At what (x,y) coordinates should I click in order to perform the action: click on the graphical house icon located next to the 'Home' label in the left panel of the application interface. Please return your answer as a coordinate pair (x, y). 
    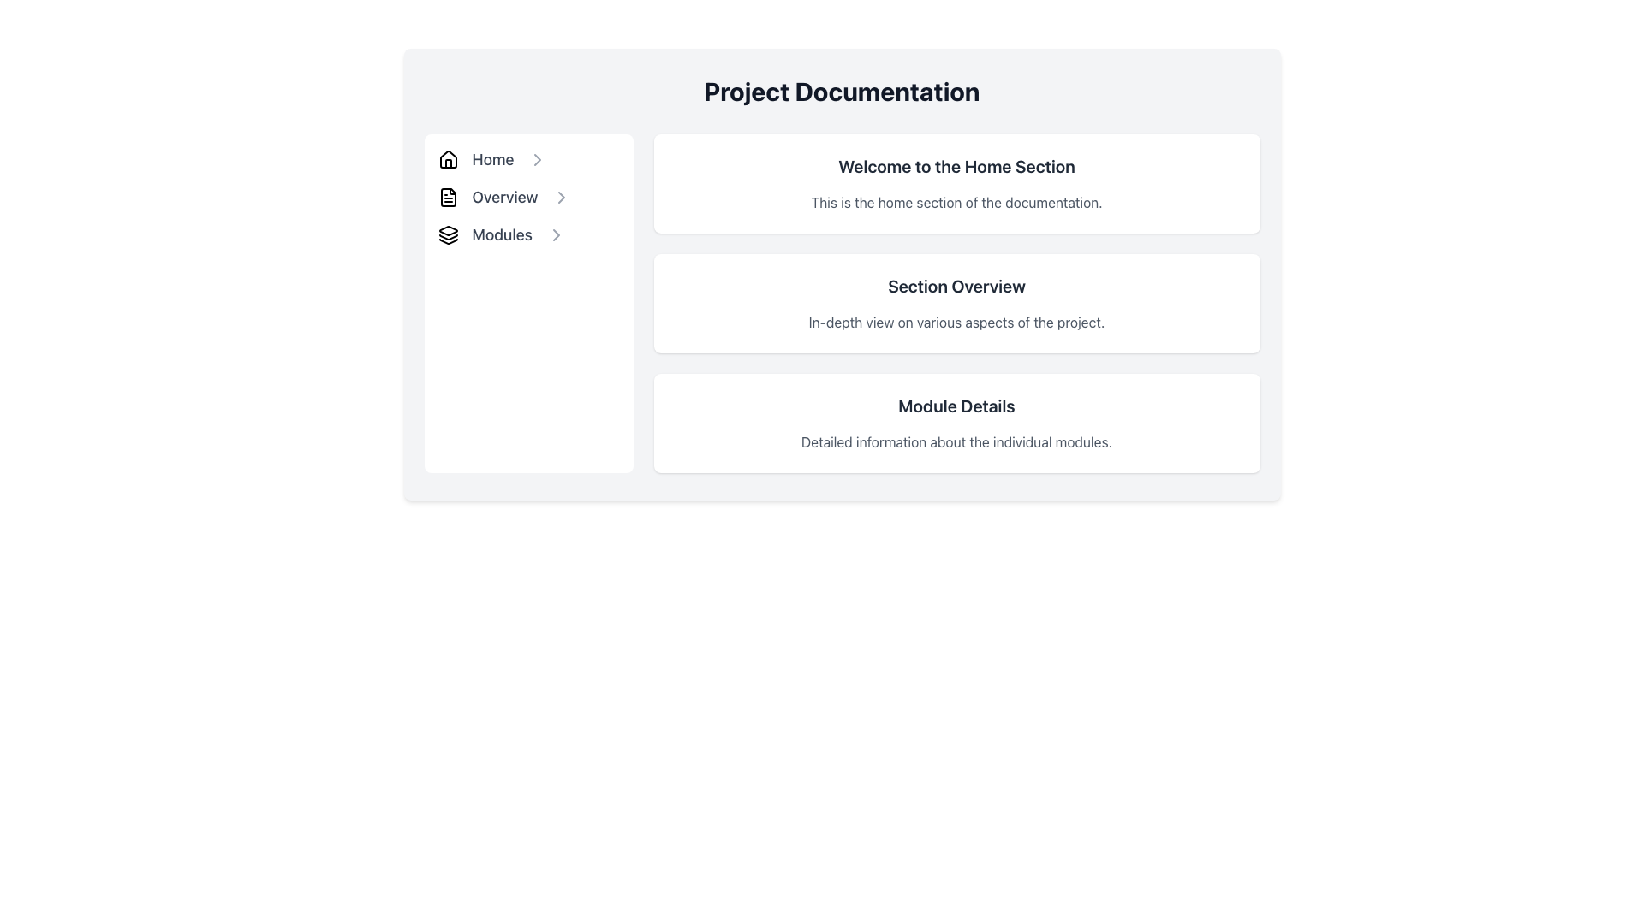
    Looking at the image, I should click on (448, 159).